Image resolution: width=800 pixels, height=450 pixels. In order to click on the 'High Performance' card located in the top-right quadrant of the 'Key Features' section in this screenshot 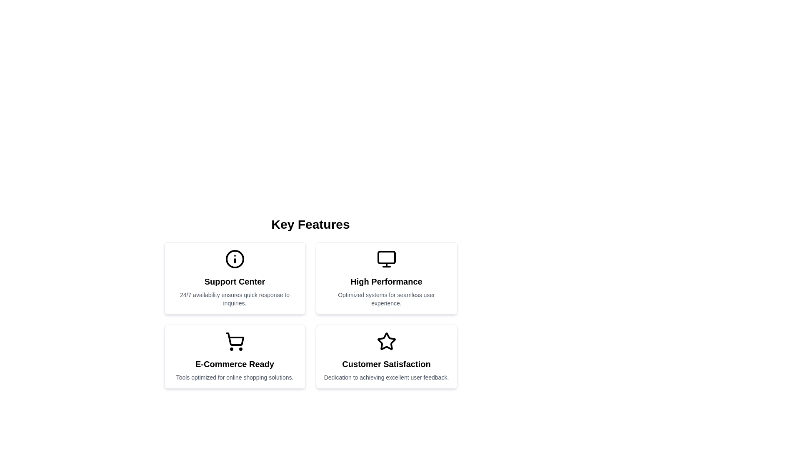, I will do `click(386, 278)`.